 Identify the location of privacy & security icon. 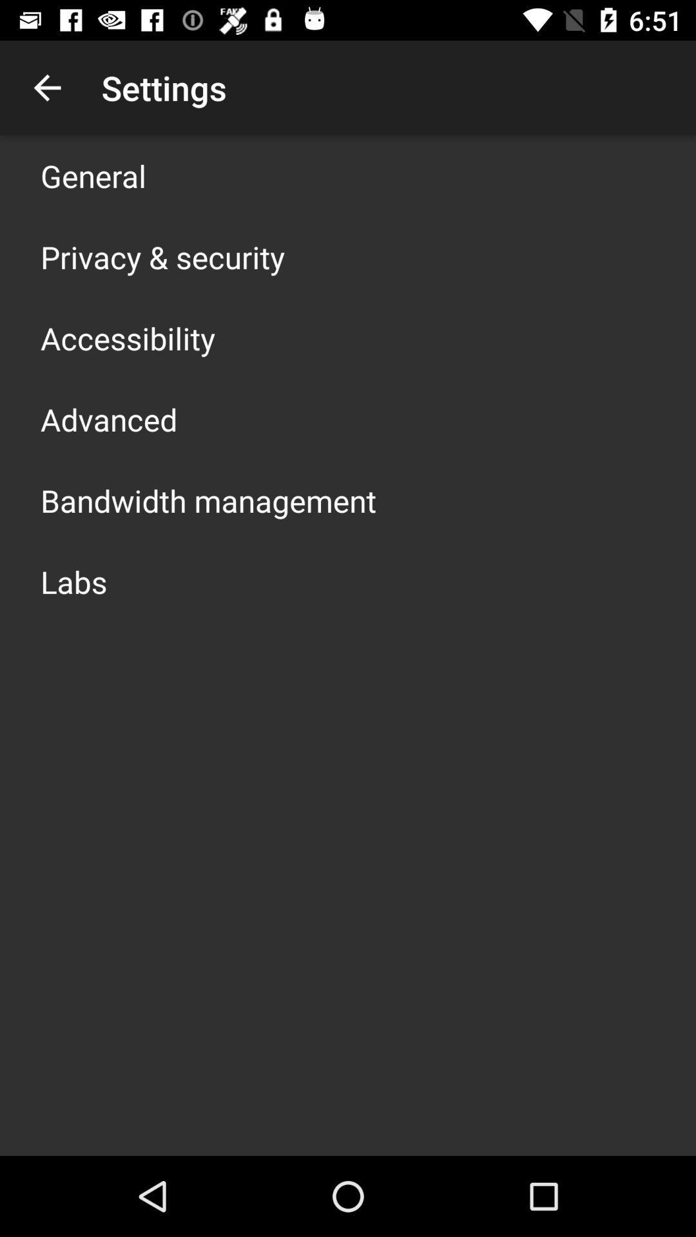
(162, 256).